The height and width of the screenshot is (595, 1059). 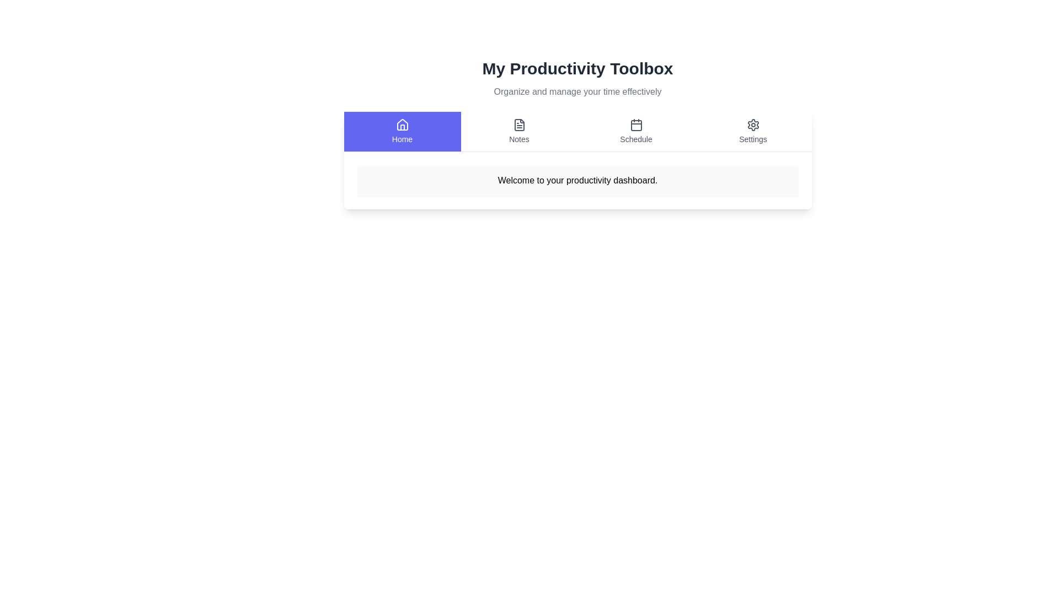 I want to click on the house-shaped icon in the navigation menu, so click(x=402, y=125).